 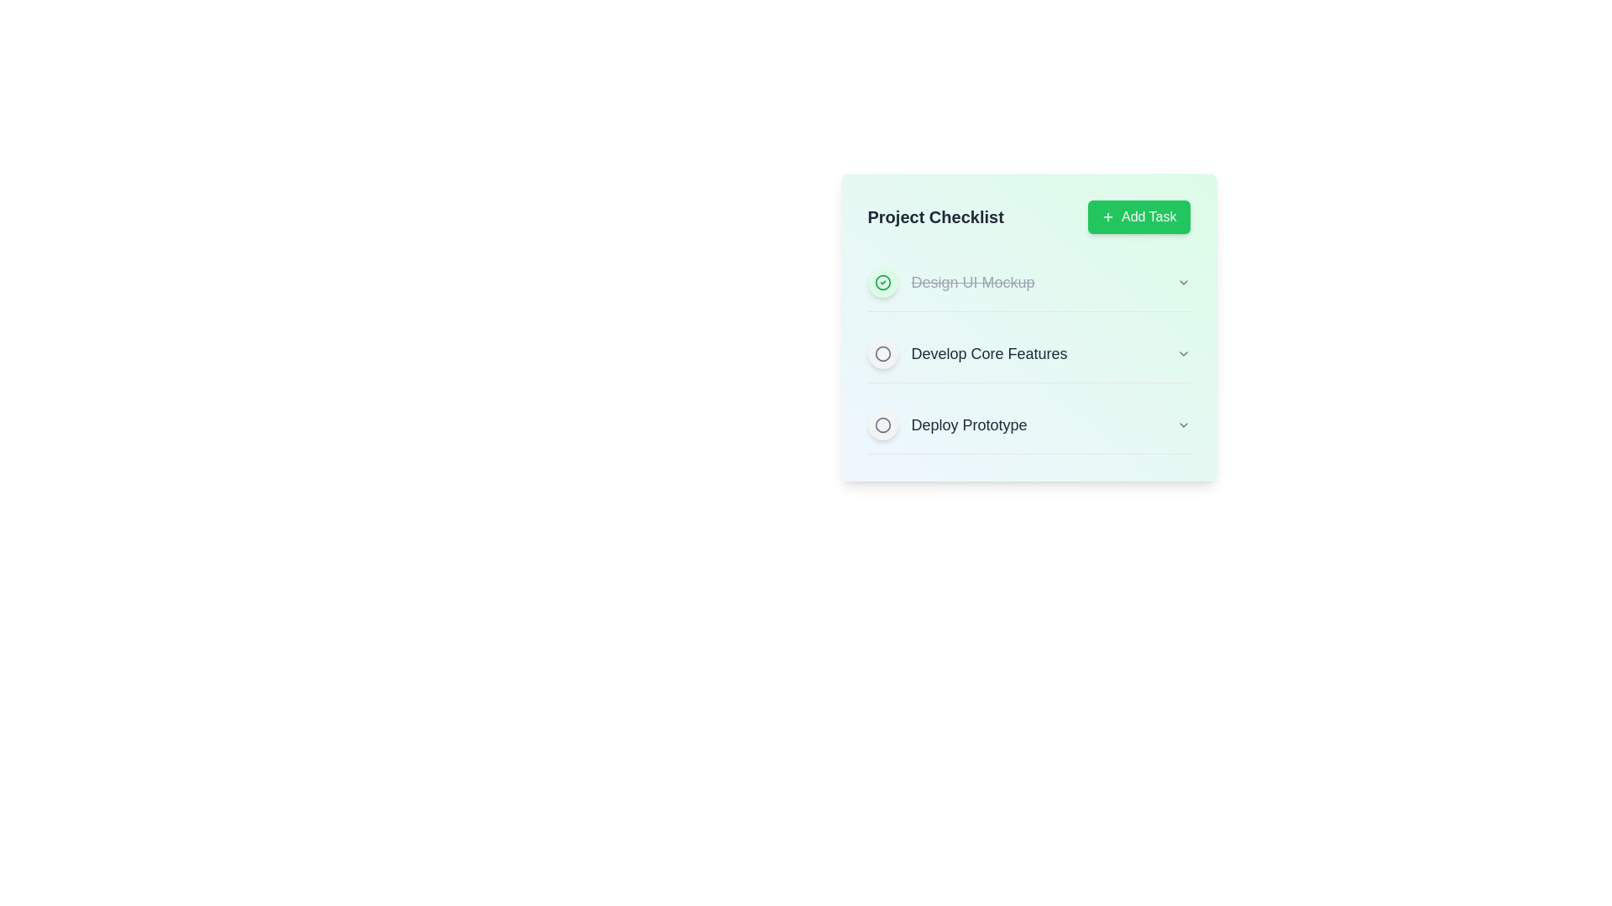 I want to click on the dropdown button next to the task 'Develop Core Features' to expand its options, so click(x=1182, y=352).